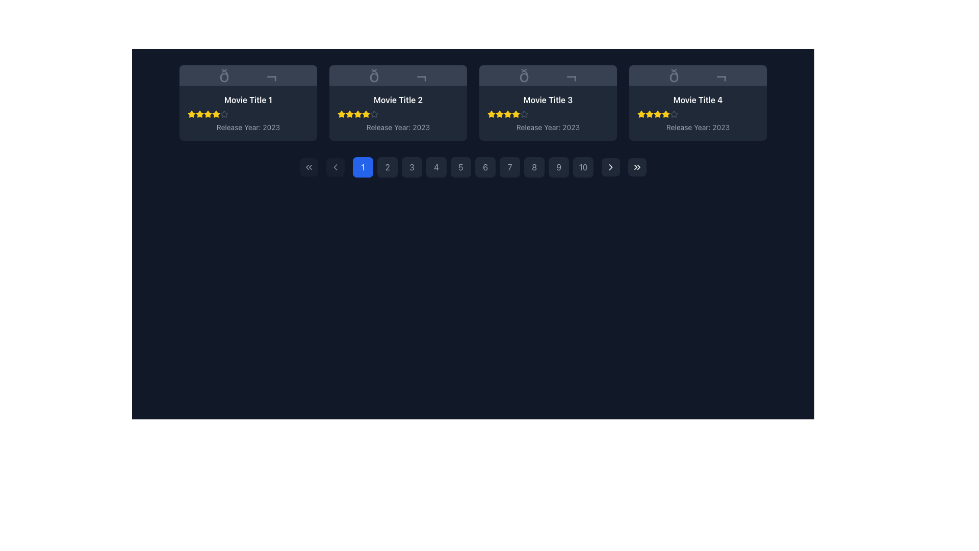 This screenshot has width=979, height=551. I want to click on the pagination button labeled '8' located near the bottom center of the layout, so click(533, 166).